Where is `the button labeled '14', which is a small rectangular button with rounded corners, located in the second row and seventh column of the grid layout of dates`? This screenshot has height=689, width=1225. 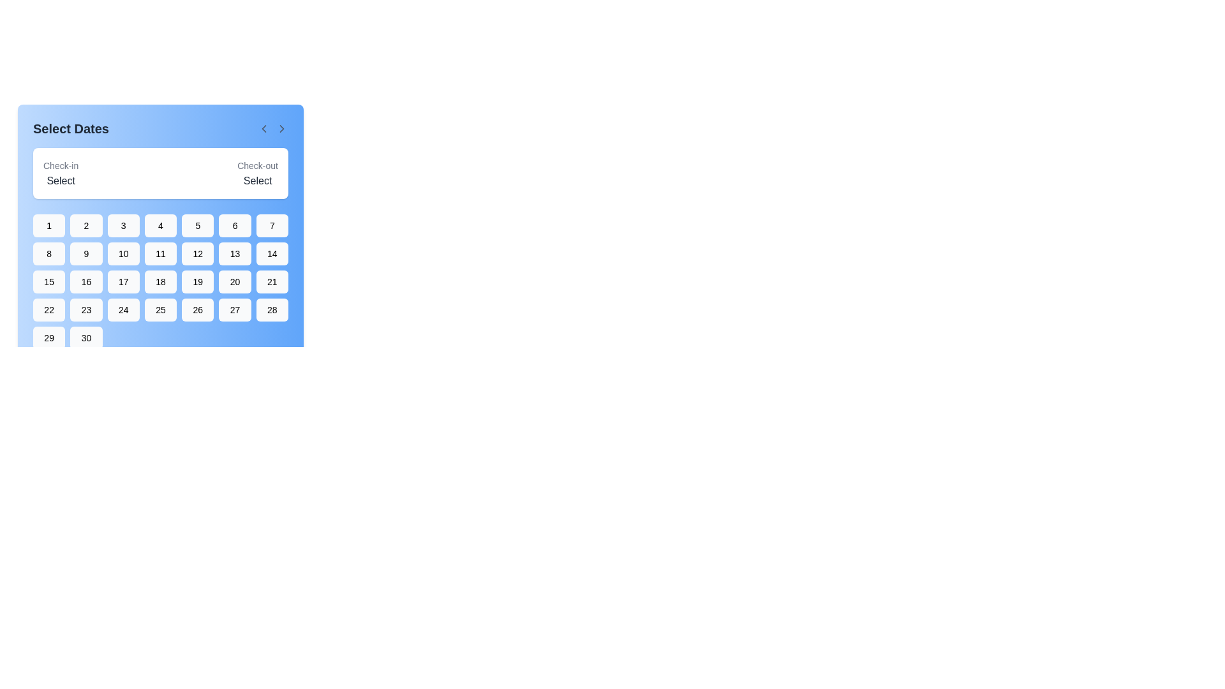 the button labeled '14', which is a small rectangular button with rounded corners, located in the second row and seventh column of the grid layout of dates is located at coordinates (271, 253).